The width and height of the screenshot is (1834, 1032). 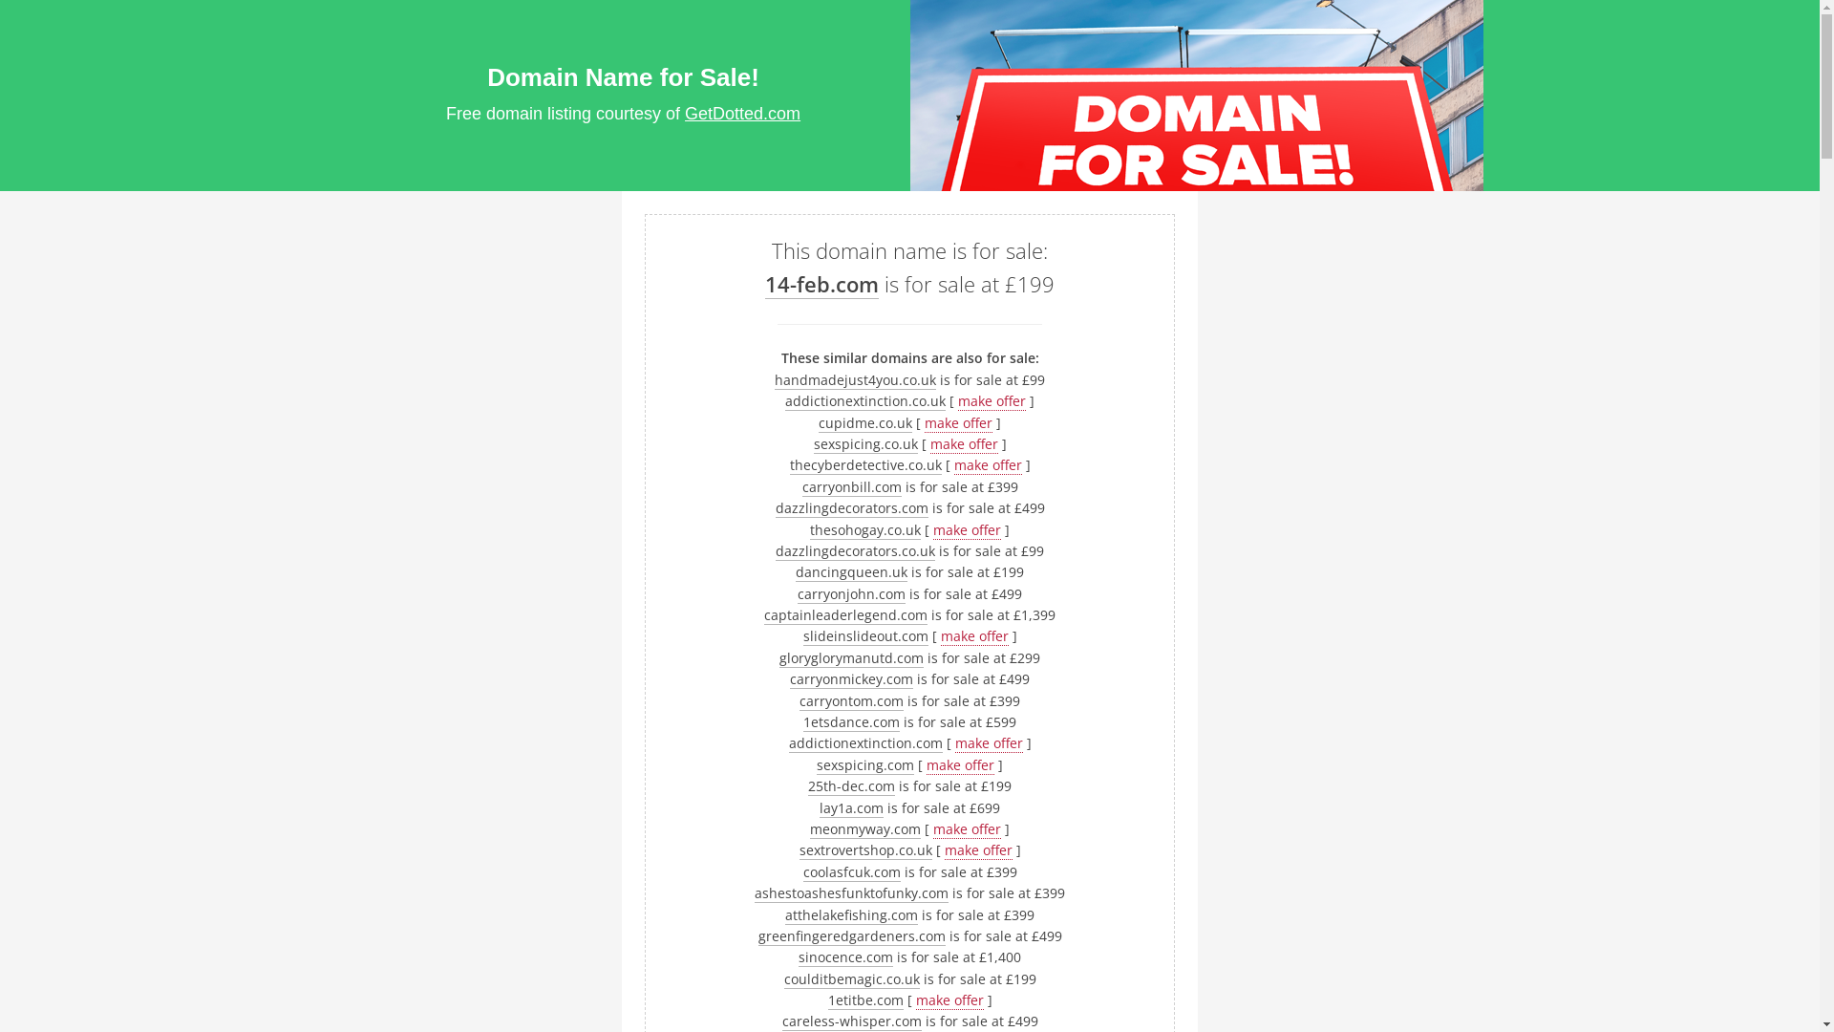 What do you see at coordinates (850, 892) in the screenshot?
I see `'ashestoashesfunktofunky.com'` at bounding box center [850, 892].